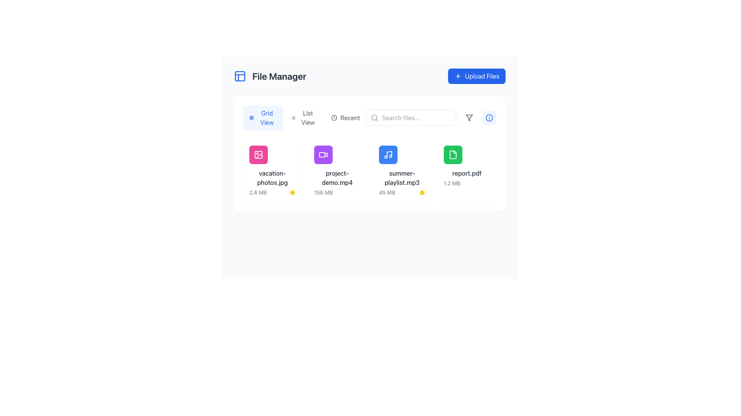 The image size is (741, 416). What do you see at coordinates (252, 117) in the screenshot?
I see `the SVG graphical element representing part of the grid layout icon located at the top of the File Manager interface, which signifies toggling the view mode to a grid-based display` at bounding box center [252, 117].